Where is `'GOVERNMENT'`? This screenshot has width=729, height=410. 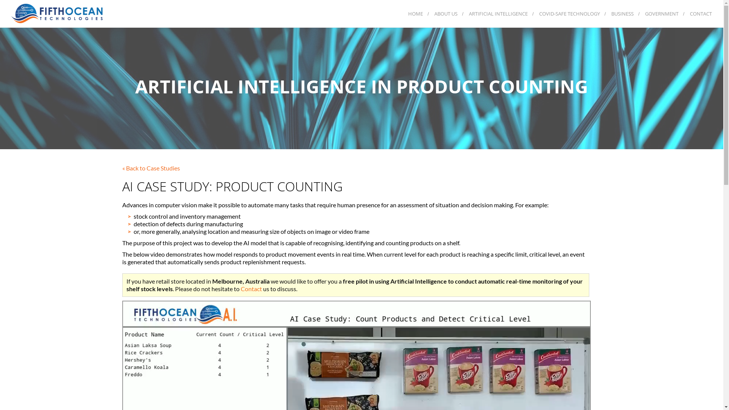
'GOVERNMENT' is located at coordinates (661, 13).